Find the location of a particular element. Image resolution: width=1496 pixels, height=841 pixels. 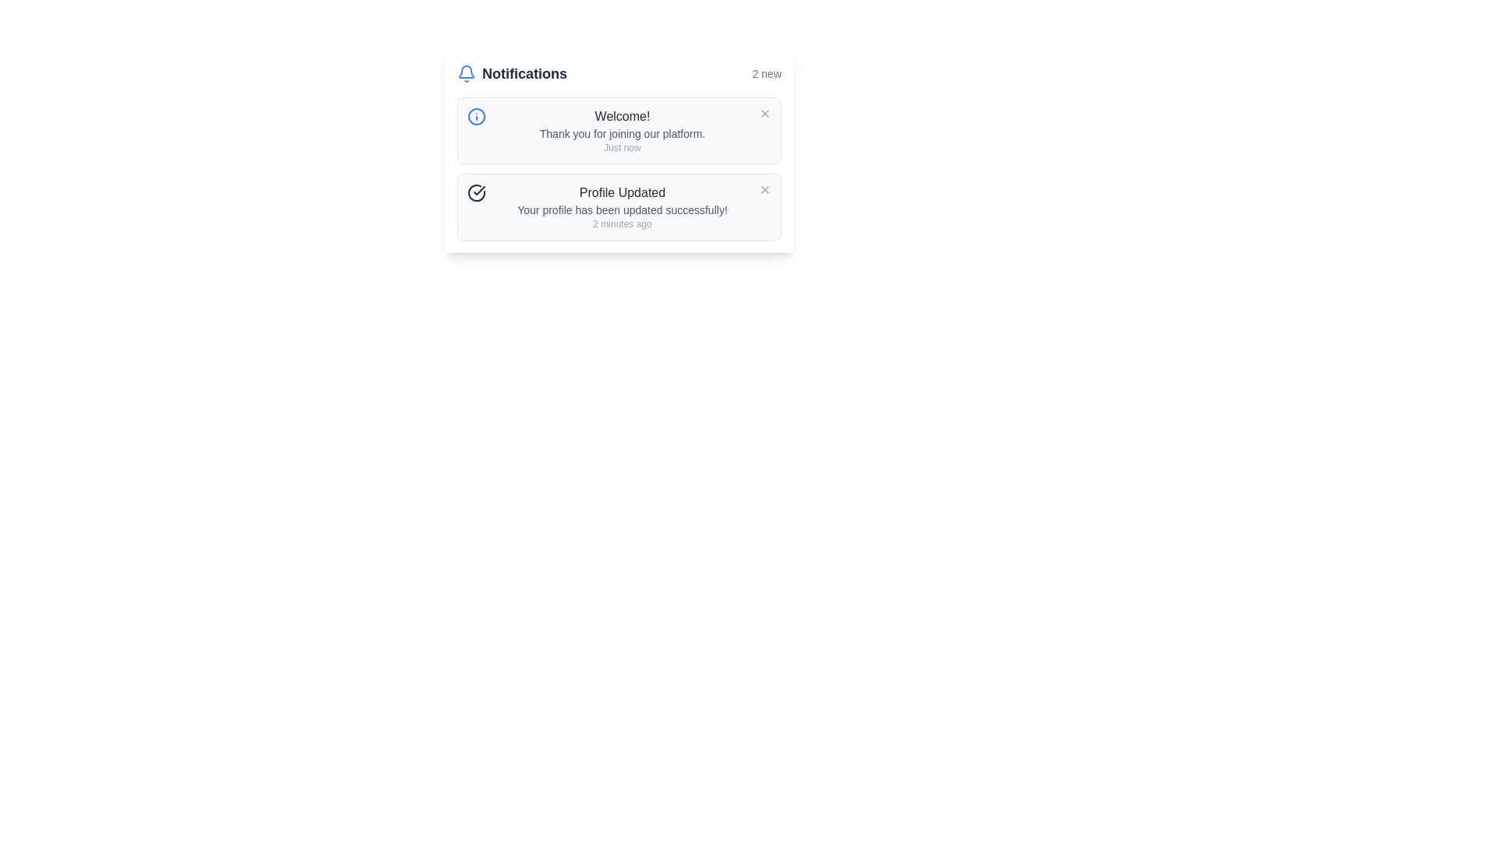

assistive technology is located at coordinates (621, 130).